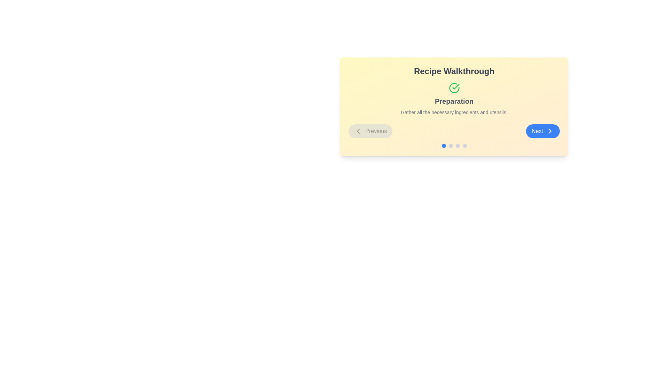 The height and width of the screenshot is (376, 668). Describe the element at coordinates (454, 112) in the screenshot. I see `the static text that reads 'Gather all the necessary ingredients and utensils.' which is located below the 'Preparation' heading` at that location.